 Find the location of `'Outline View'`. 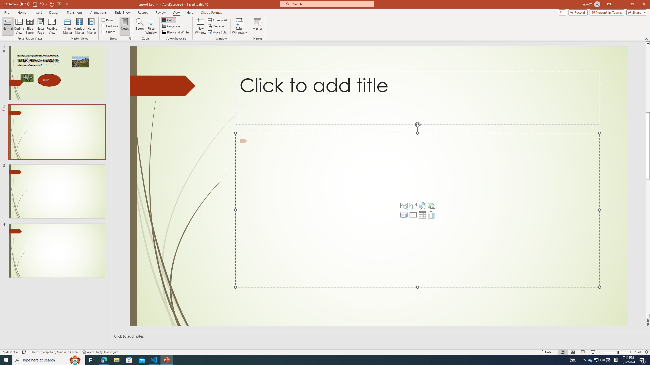

'Outline View' is located at coordinates (19, 26).